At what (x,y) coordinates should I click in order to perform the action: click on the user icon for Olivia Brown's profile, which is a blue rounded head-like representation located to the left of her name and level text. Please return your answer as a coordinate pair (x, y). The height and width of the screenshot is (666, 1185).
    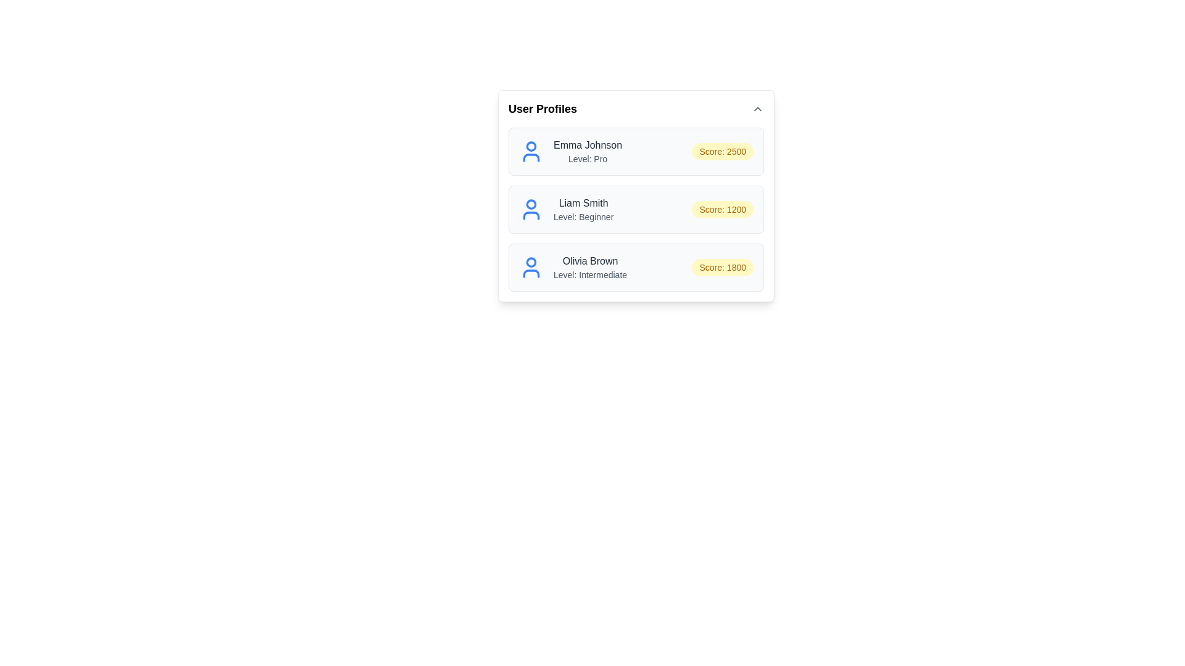
    Looking at the image, I should click on (531, 267).